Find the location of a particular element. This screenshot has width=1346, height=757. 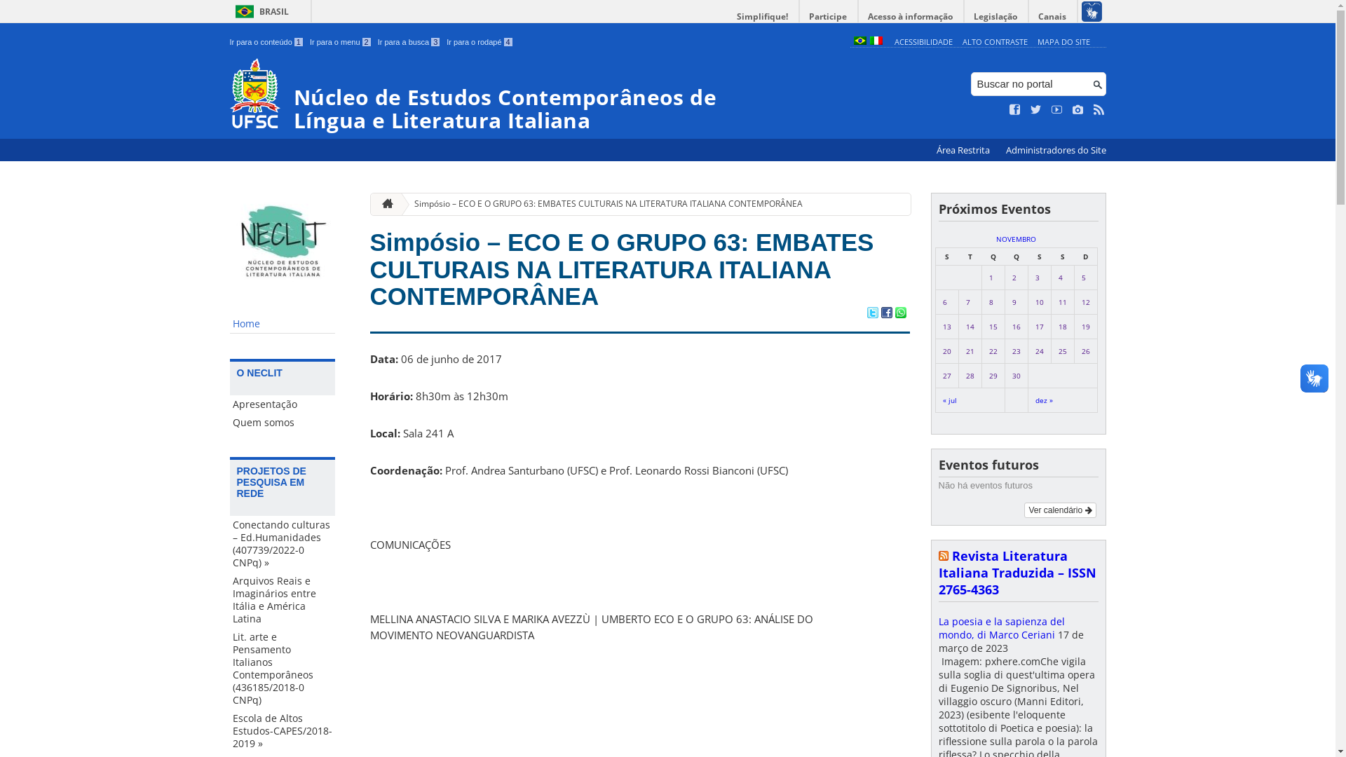

'12' is located at coordinates (1084, 301).